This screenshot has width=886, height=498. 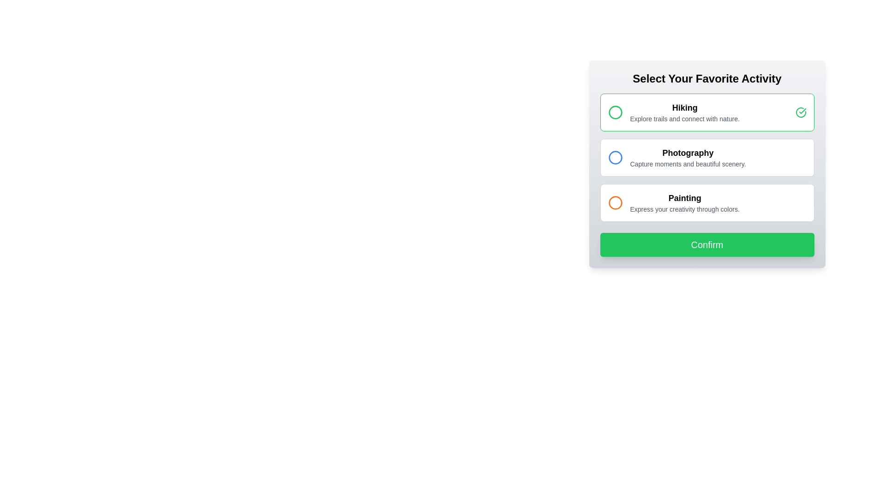 What do you see at coordinates (685, 119) in the screenshot?
I see `the text line stating 'Explore trails and connect with nature.' in small, gray-colored font, which is located below the title 'Hiking' within the highlighted activity card` at bounding box center [685, 119].